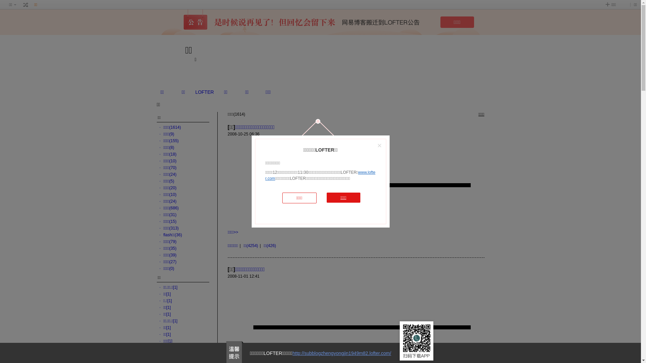  Describe the element at coordinates (342, 353) in the screenshot. I see `'http://subblogzhengyongjin1949m82.lofter.com/'` at that location.